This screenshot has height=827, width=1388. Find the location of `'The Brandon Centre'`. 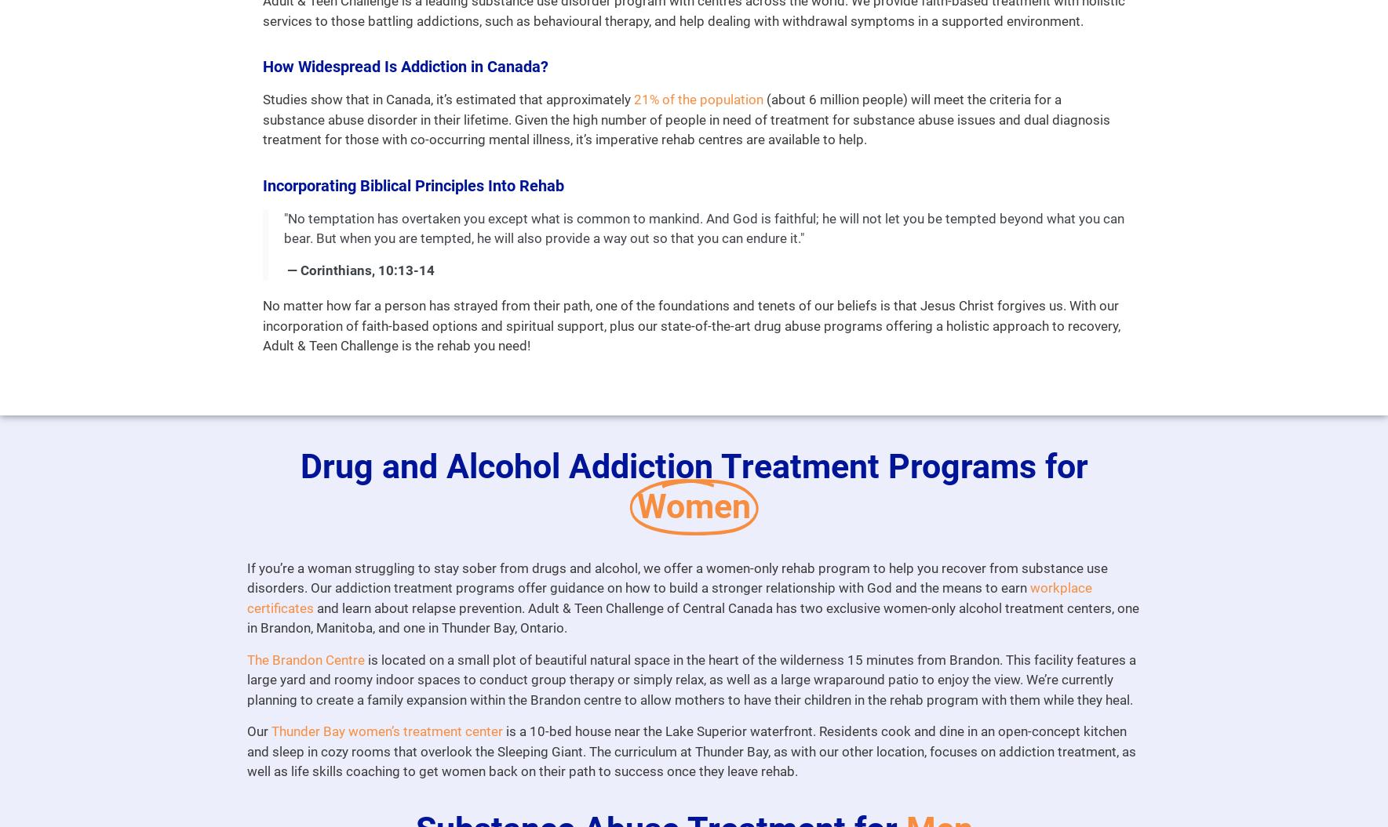

'The Brandon Centre' is located at coordinates (246, 659).